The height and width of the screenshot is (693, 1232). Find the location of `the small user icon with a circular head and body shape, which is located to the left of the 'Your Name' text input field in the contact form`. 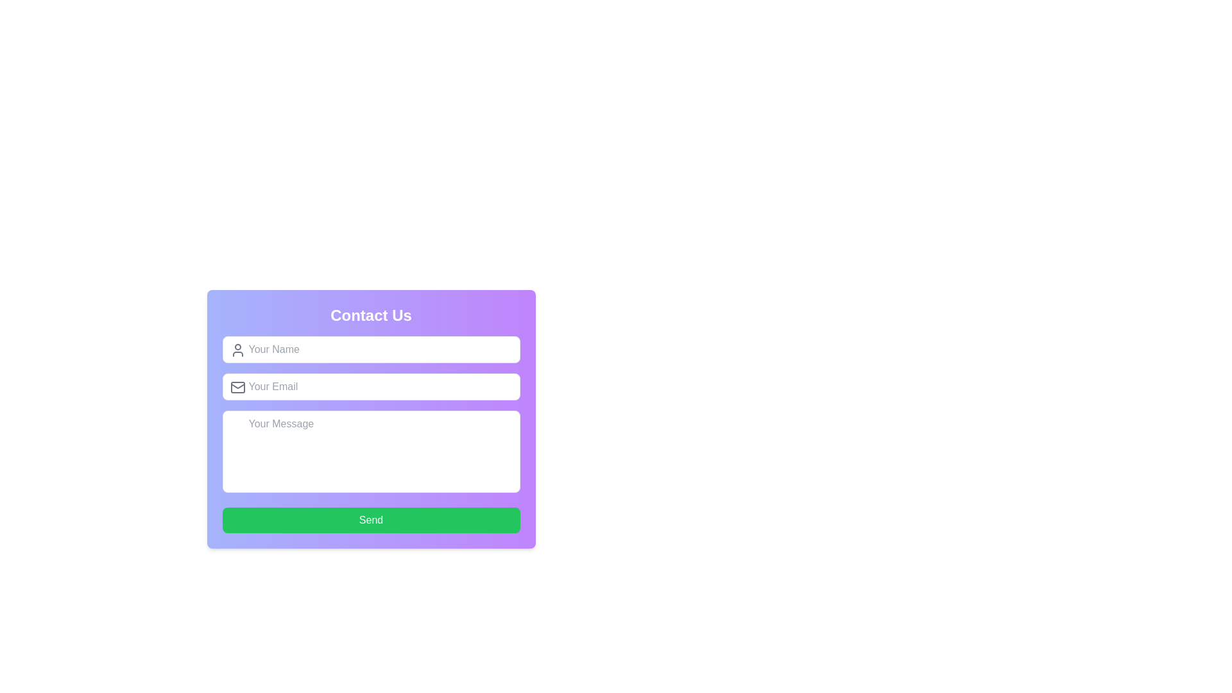

the small user icon with a circular head and body shape, which is located to the left of the 'Your Name' text input field in the contact form is located at coordinates (237, 350).